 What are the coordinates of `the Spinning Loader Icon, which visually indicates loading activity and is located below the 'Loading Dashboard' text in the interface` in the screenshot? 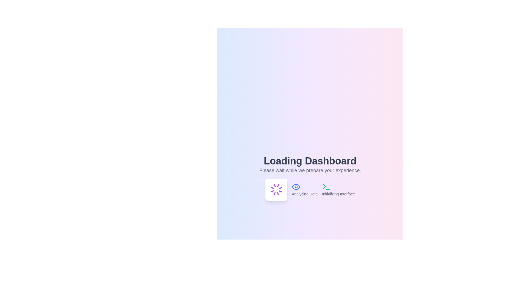 It's located at (276, 189).